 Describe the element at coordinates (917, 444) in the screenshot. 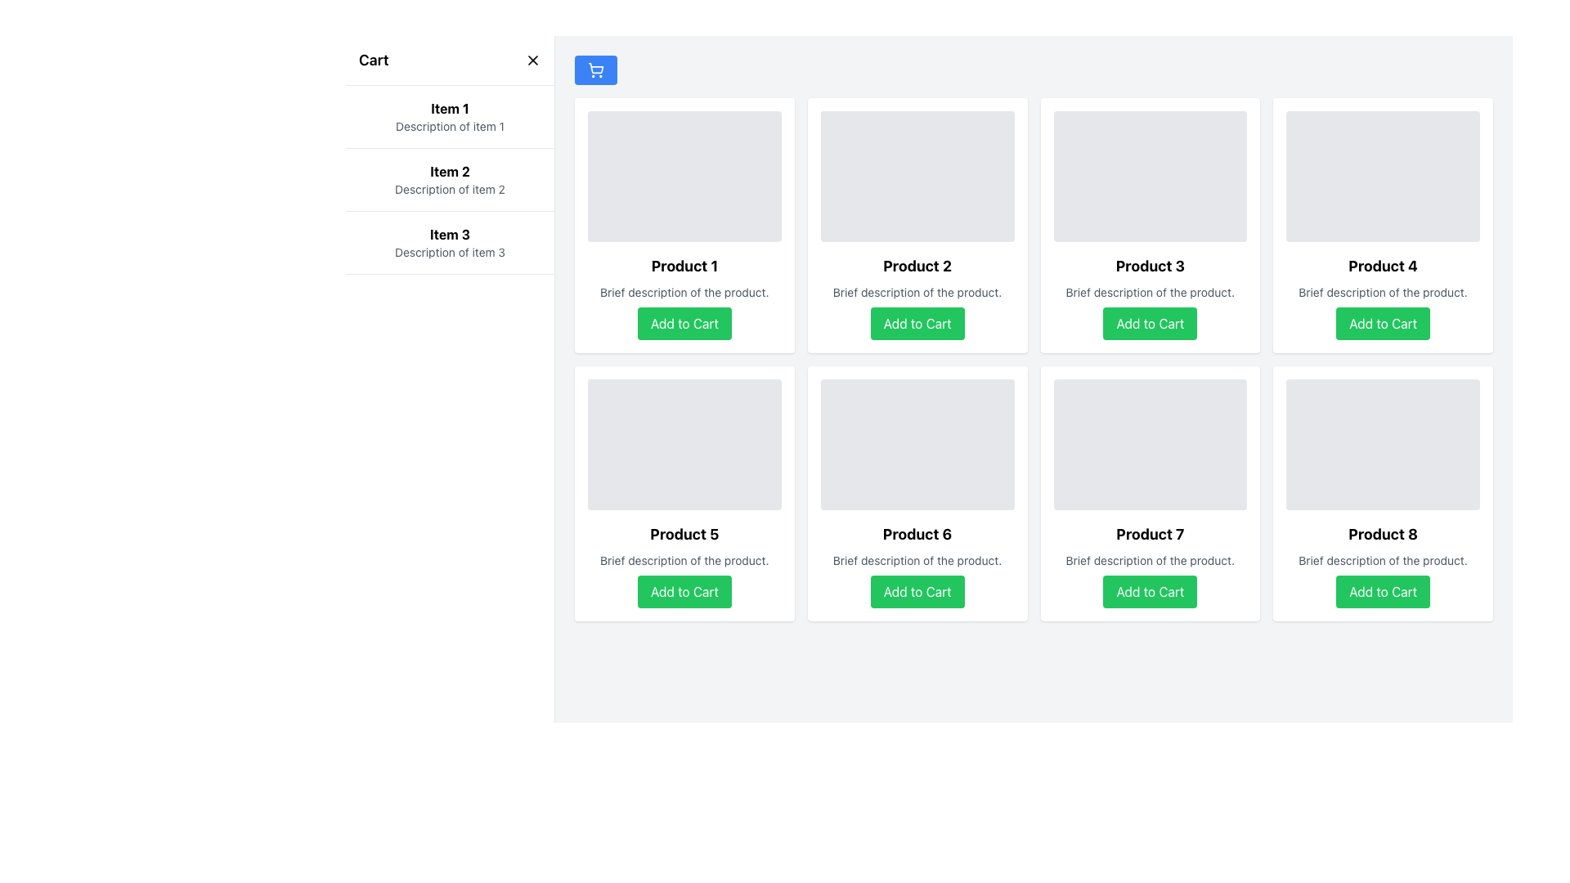

I see `the placeholder image for 'Product 6' located in the second row and third column of the grid, which serves as a visual context for the item` at that location.